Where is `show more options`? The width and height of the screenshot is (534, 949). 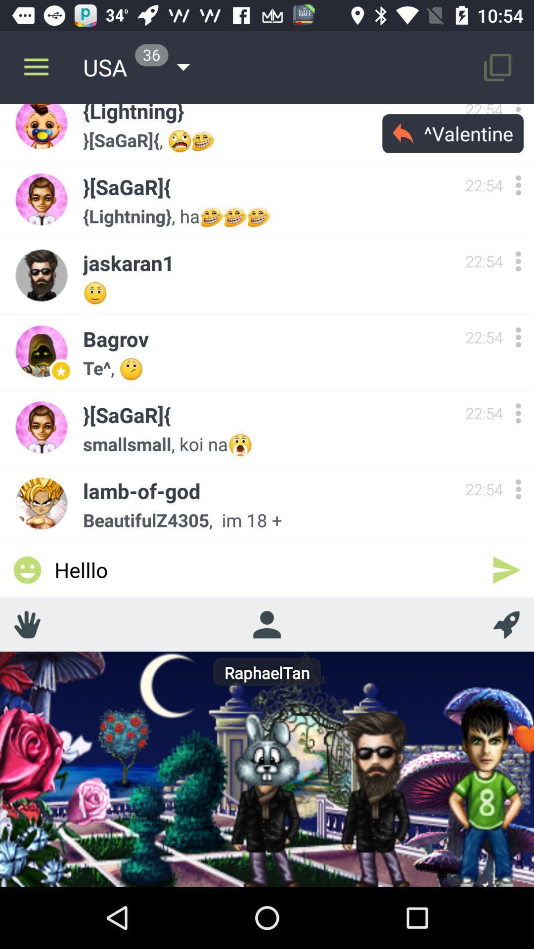 show more options is located at coordinates (518, 489).